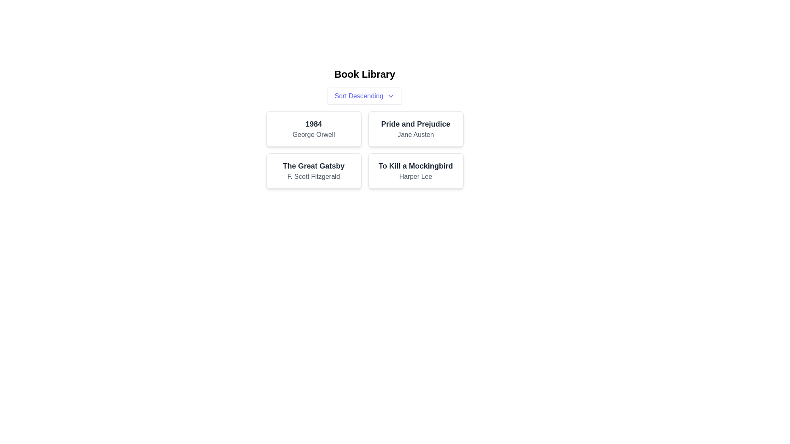 The image size is (790, 444). Describe the element at coordinates (416, 124) in the screenshot. I see `the static text label displaying the title 'Pride and Prejudice', which identifies the book entry located in the top row, second column of the grid layout` at that location.